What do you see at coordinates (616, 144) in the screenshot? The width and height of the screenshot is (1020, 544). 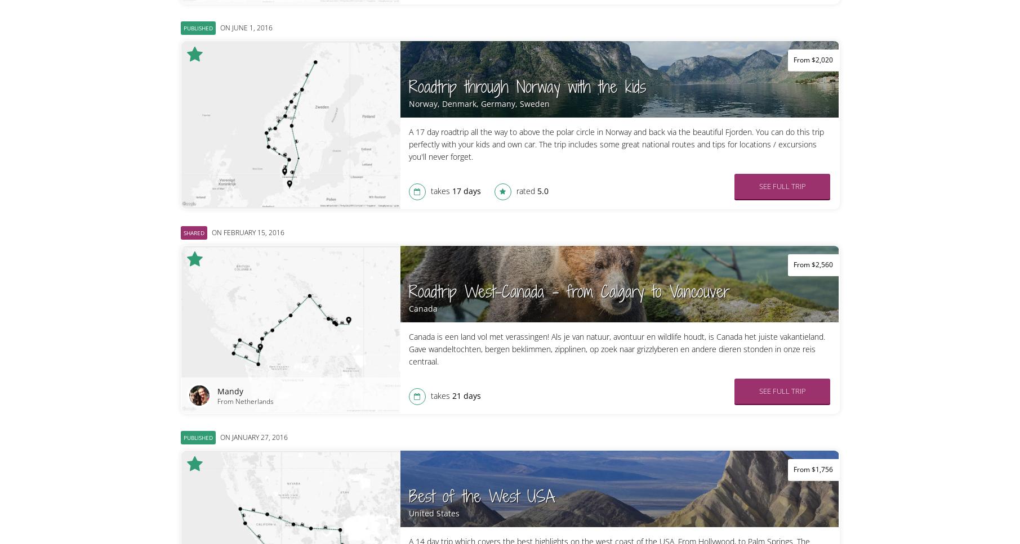 I see `'A 17 day roadtrip all the way to above the polar circle in Norway and back via the beautiful Fjorden. You can do this trip perfectly with your kids and own car. The trip includes some great national routes and tips for locations / excursions you'll never forget.'` at bounding box center [616, 144].